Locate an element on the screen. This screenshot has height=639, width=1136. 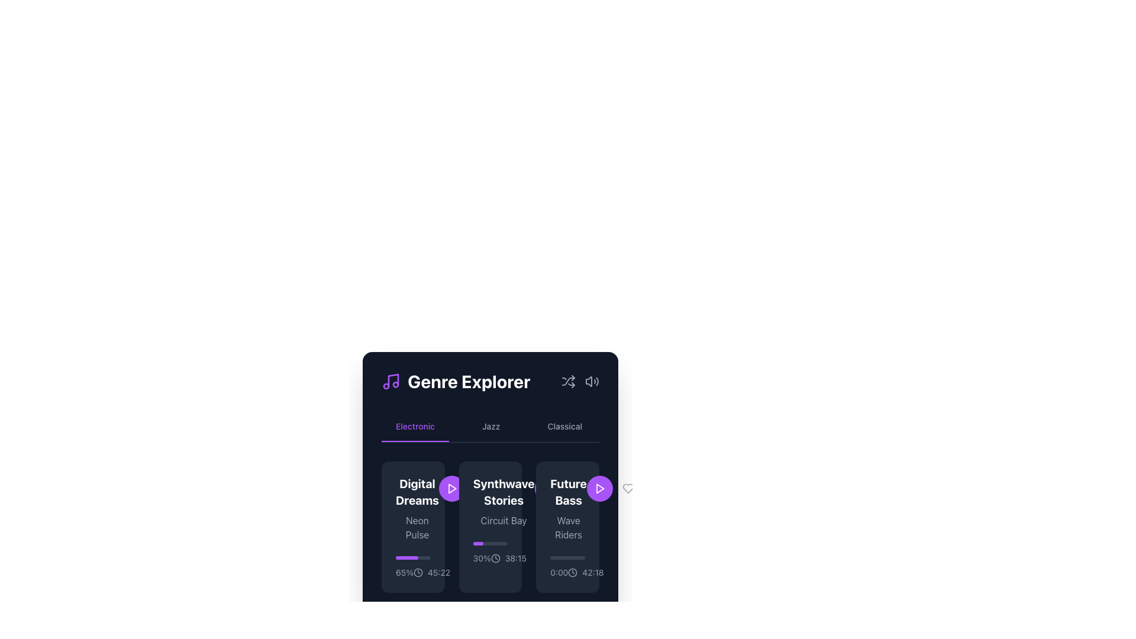
the Text Label with Icon that displays the time markers '0:00' and '42:18' below the audio progress bar in the 'Future Bass' genre card in the 'Genre Explorer' section is located at coordinates (567, 572).